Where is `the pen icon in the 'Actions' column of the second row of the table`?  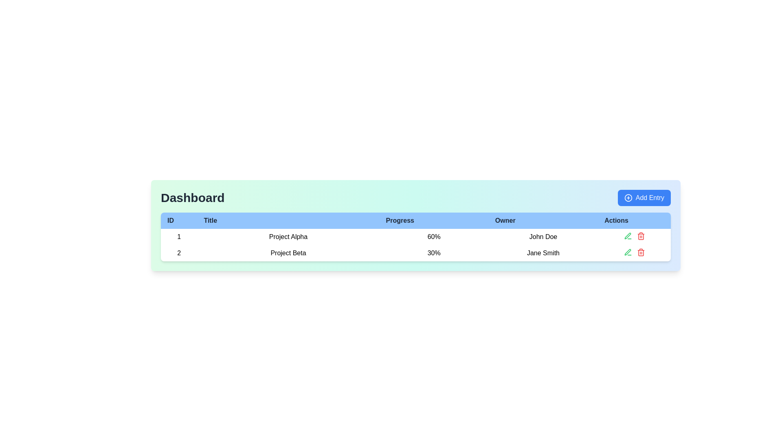 the pen icon in the 'Actions' column of the second row of the table is located at coordinates (627, 236).